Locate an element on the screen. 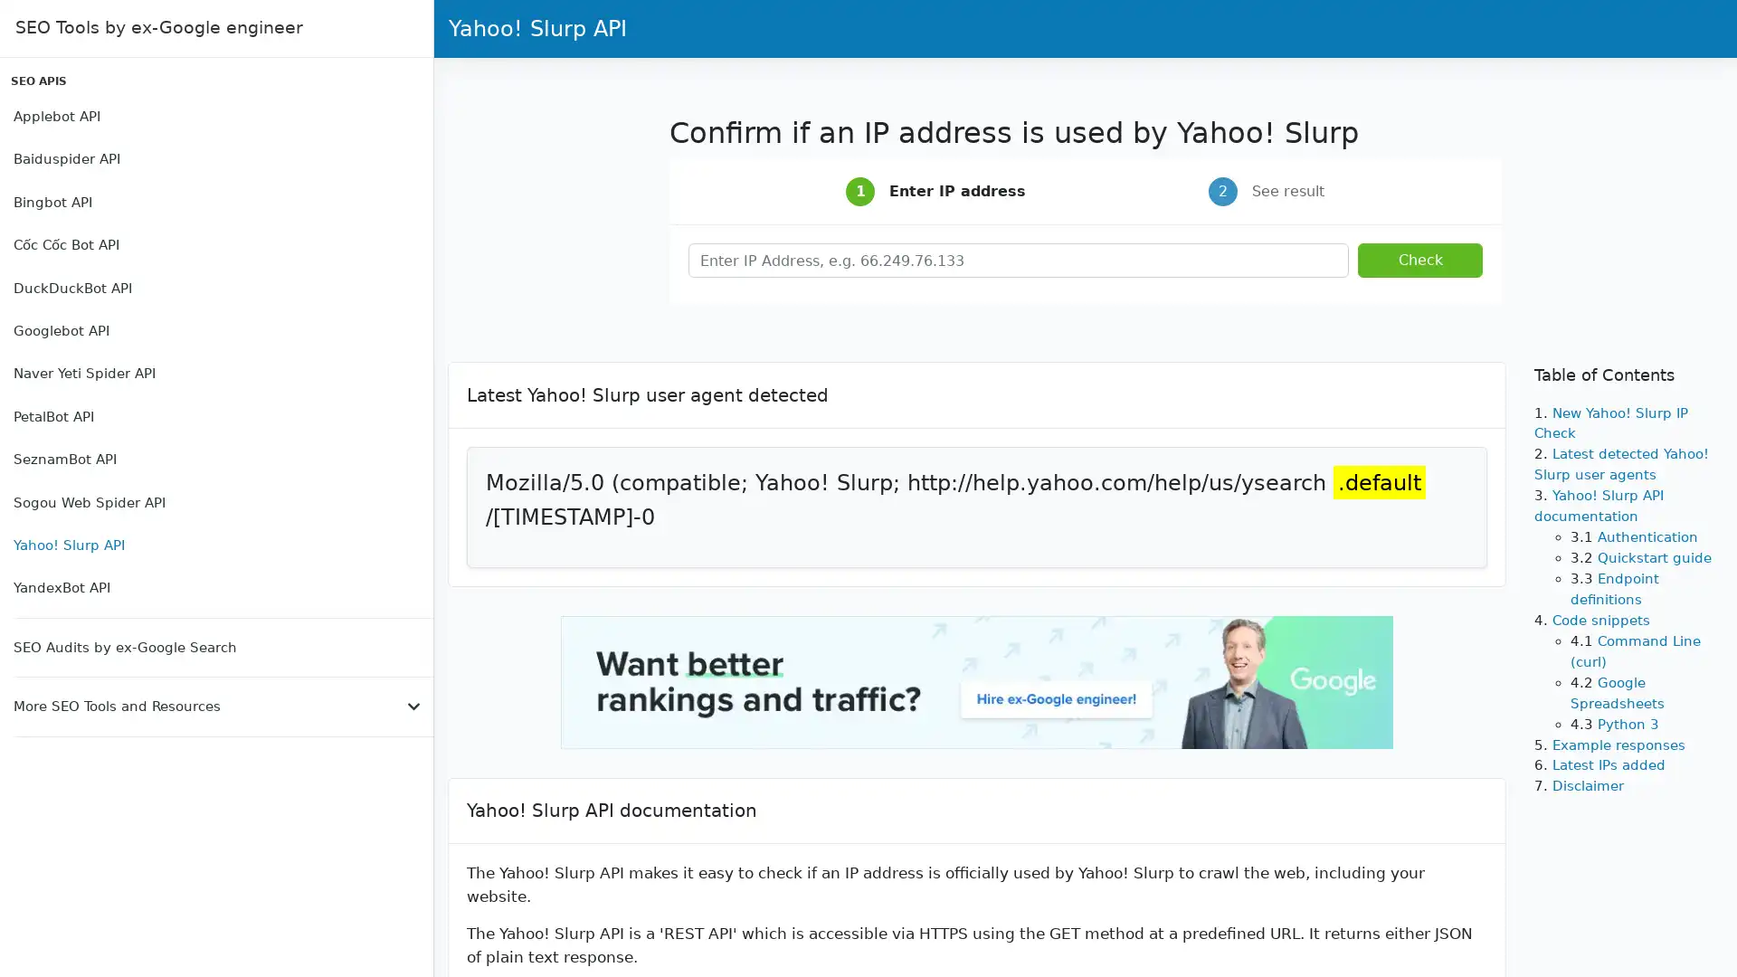  Check is located at coordinates (1419, 261).